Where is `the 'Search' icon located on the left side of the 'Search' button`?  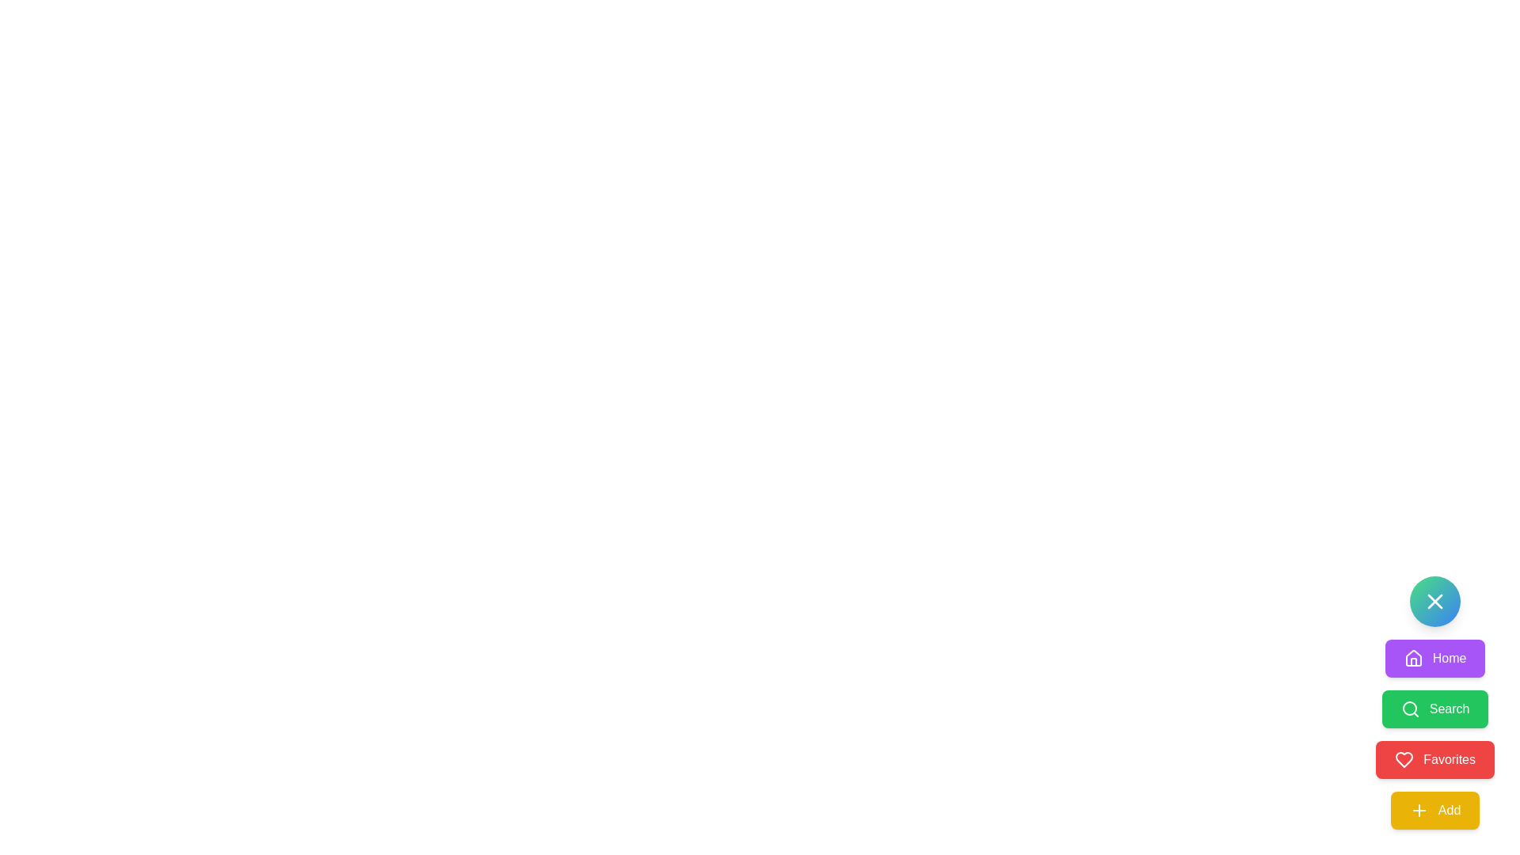 the 'Search' icon located on the left side of the 'Search' button is located at coordinates (1410, 708).